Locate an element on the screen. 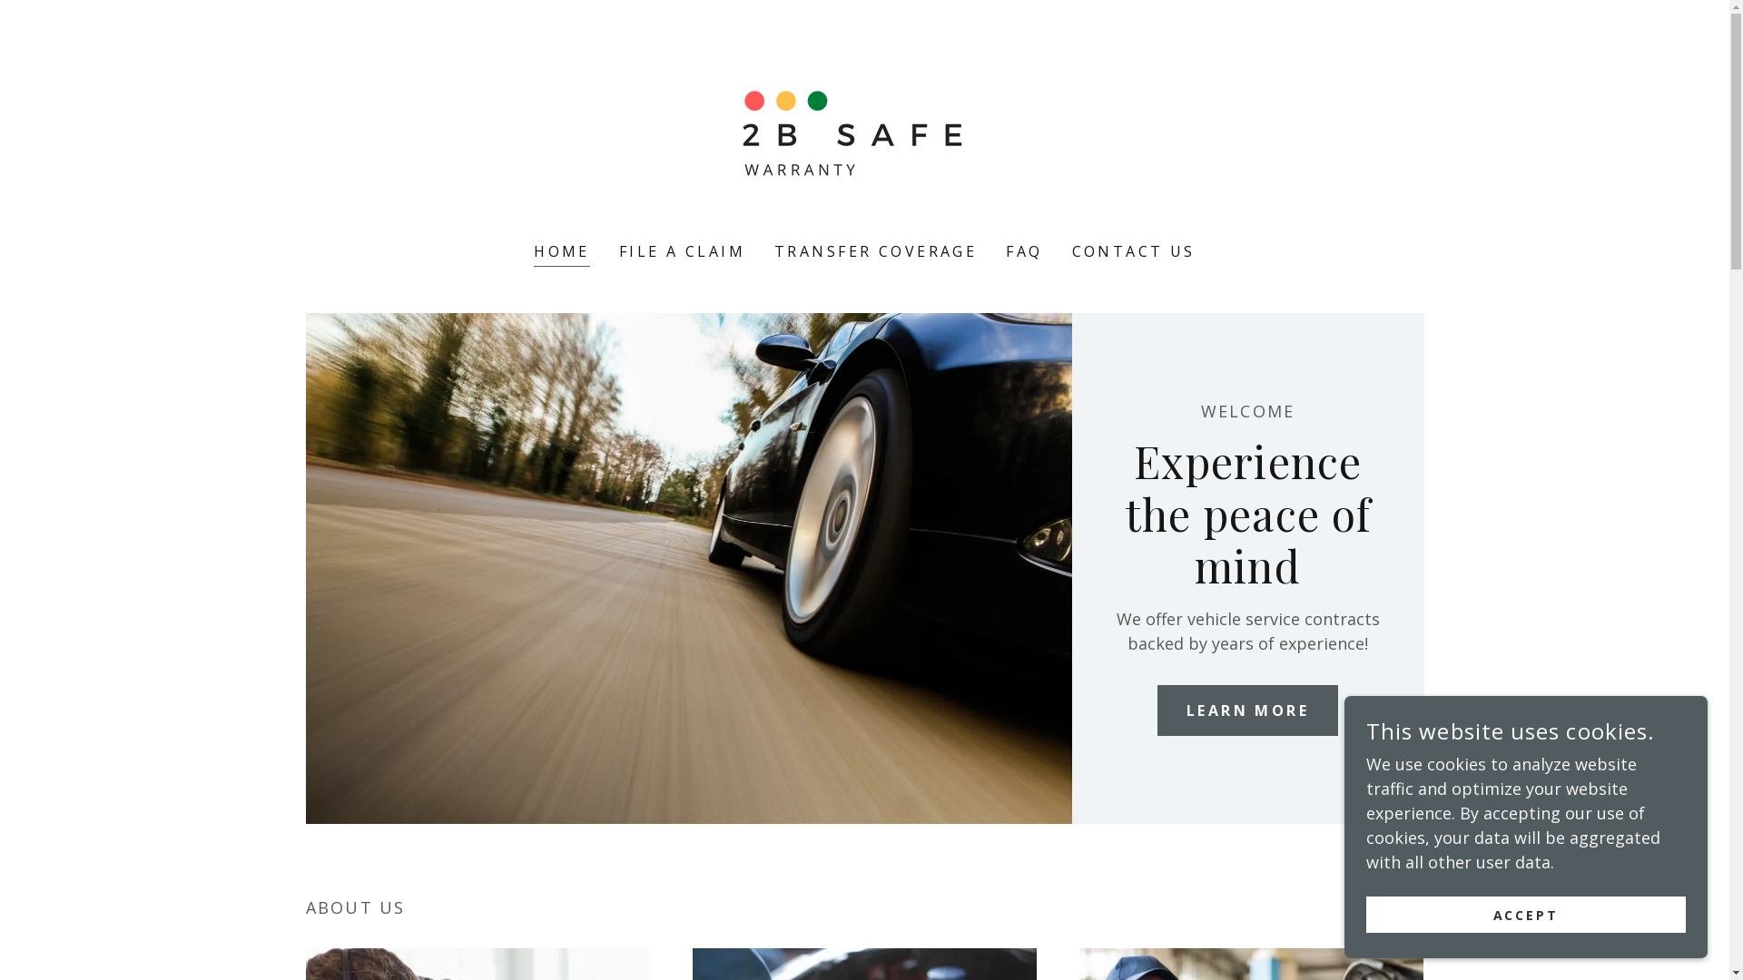 This screenshot has height=980, width=1743. 'FAQ' is located at coordinates (1024, 251).